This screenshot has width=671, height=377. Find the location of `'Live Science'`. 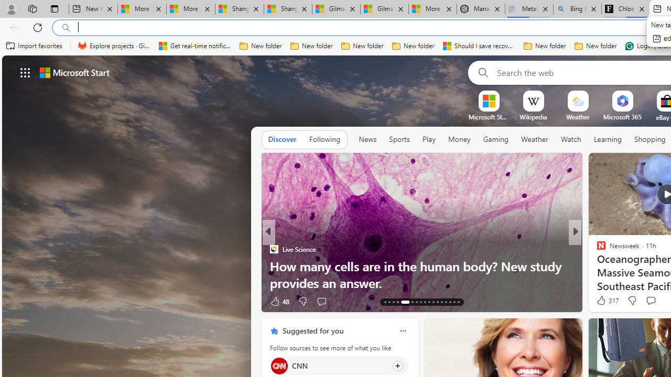

'Live Science' is located at coordinates (274, 249).